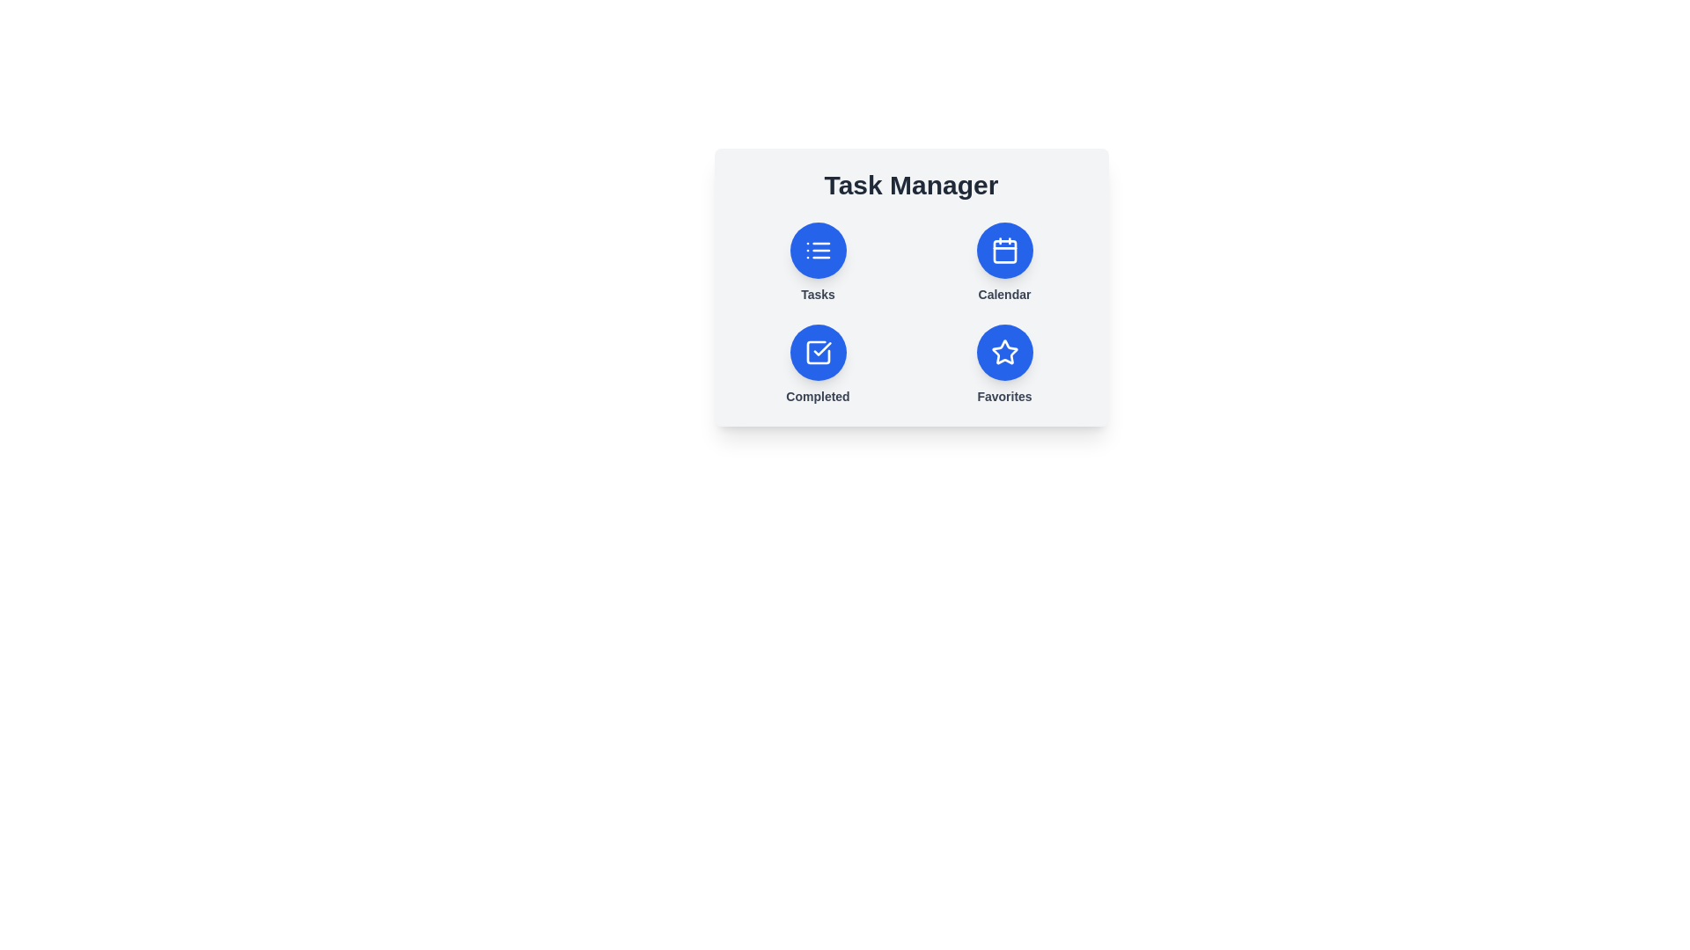 This screenshot has width=1690, height=950. What do you see at coordinates (817, 263) in the screenshot?
I see `the 'Tasks' navigation item located in the top left of the grid layout` at bounding box center [817, 263].